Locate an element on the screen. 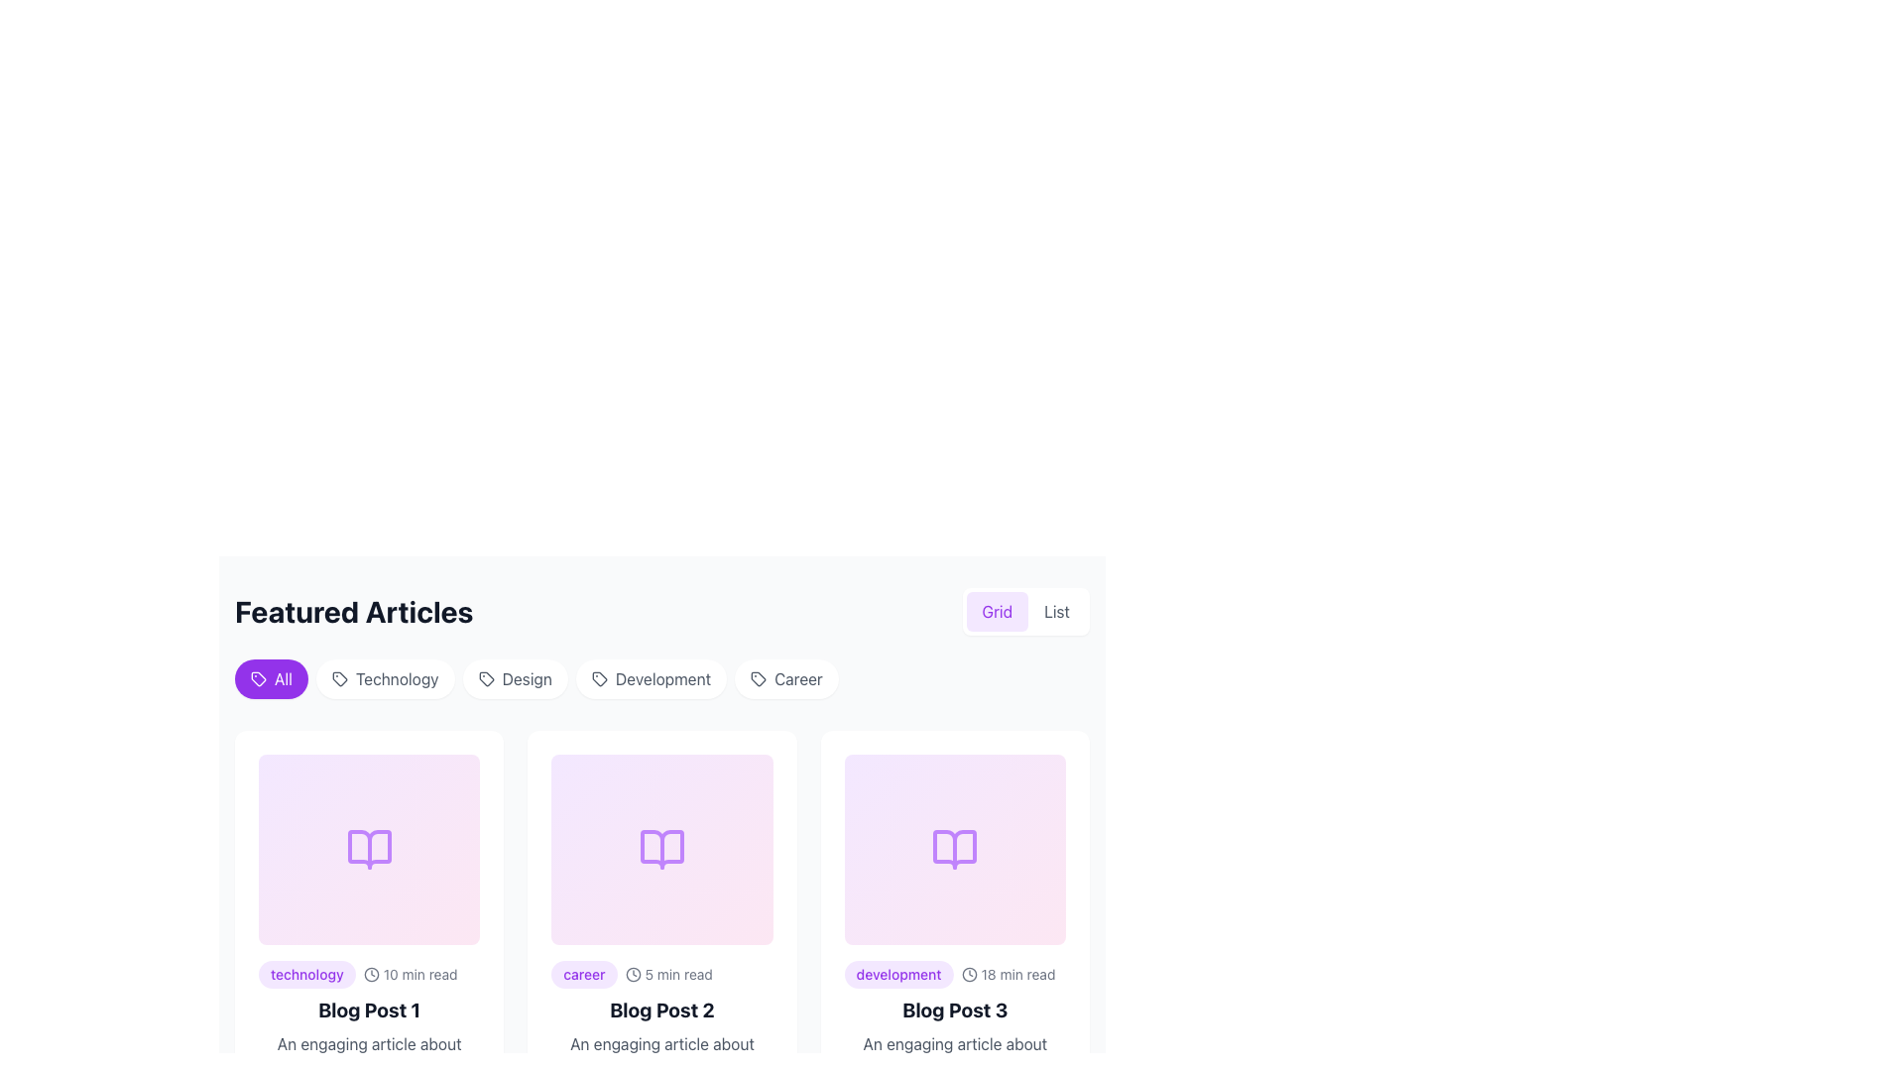  the rounded rectangular button labeled 'All' with a tag icon, which is the first in a group of filter buttons under the 'Featured Articles' heading, to observe any visual feedback is located at coordinates (270, 678).